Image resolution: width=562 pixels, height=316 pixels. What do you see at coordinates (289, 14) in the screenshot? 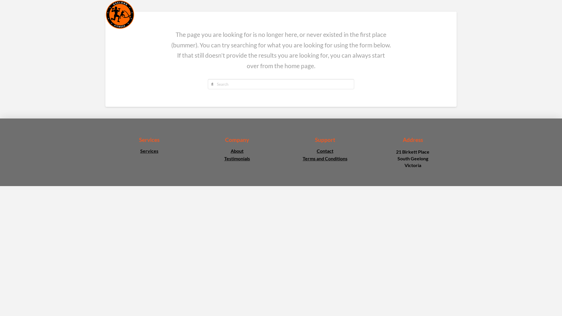
I see `'SERVICES'` at bounding box center [289, 14].